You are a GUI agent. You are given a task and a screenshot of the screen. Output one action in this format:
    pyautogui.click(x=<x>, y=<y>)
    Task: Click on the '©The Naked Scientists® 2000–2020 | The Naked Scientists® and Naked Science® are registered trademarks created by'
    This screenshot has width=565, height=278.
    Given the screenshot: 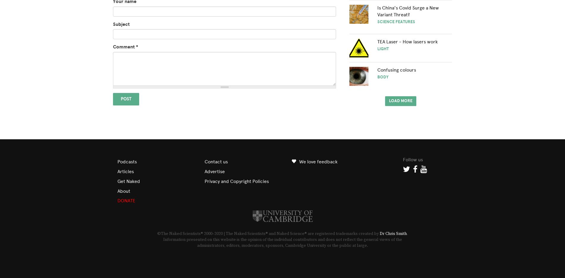 What is the action you would take?
    pyautogui.click(x=268, y=233)
    